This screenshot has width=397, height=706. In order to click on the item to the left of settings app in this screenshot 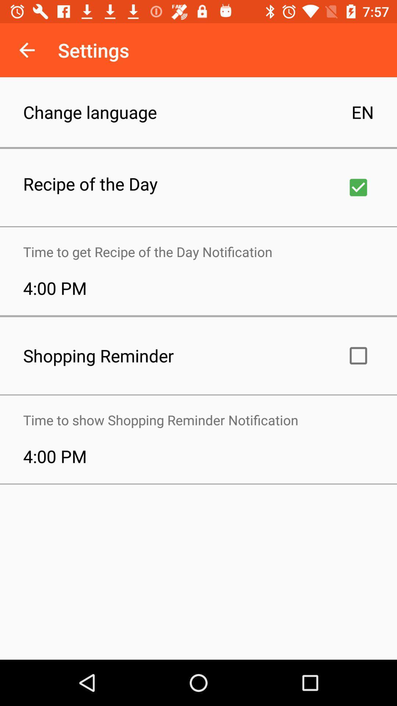, I will do `click(26, 50)`.